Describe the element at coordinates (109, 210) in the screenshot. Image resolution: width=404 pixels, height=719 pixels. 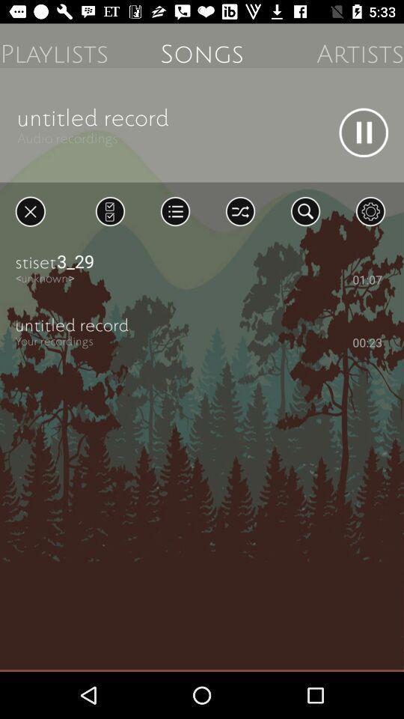
I see `show selected record` at that location.